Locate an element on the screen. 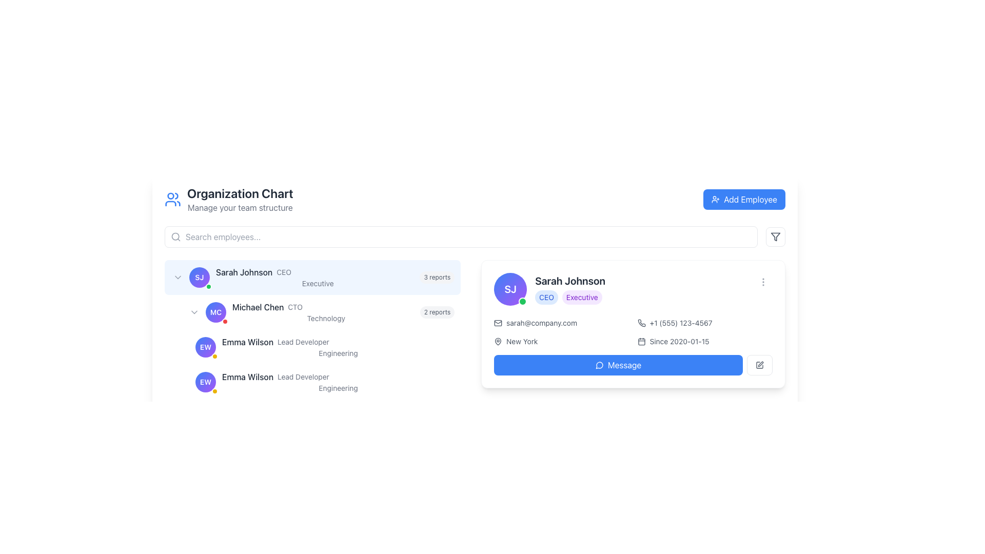 Image resolution: width=985 pixels, height=554 pixels. the static text label displaying 'Emma Wilson', which is styled in medium-weight dark gray font and positioned on the left side of a horizontal layout, adjacent to 'Lead Developer' is located at coordinates (248, 377).